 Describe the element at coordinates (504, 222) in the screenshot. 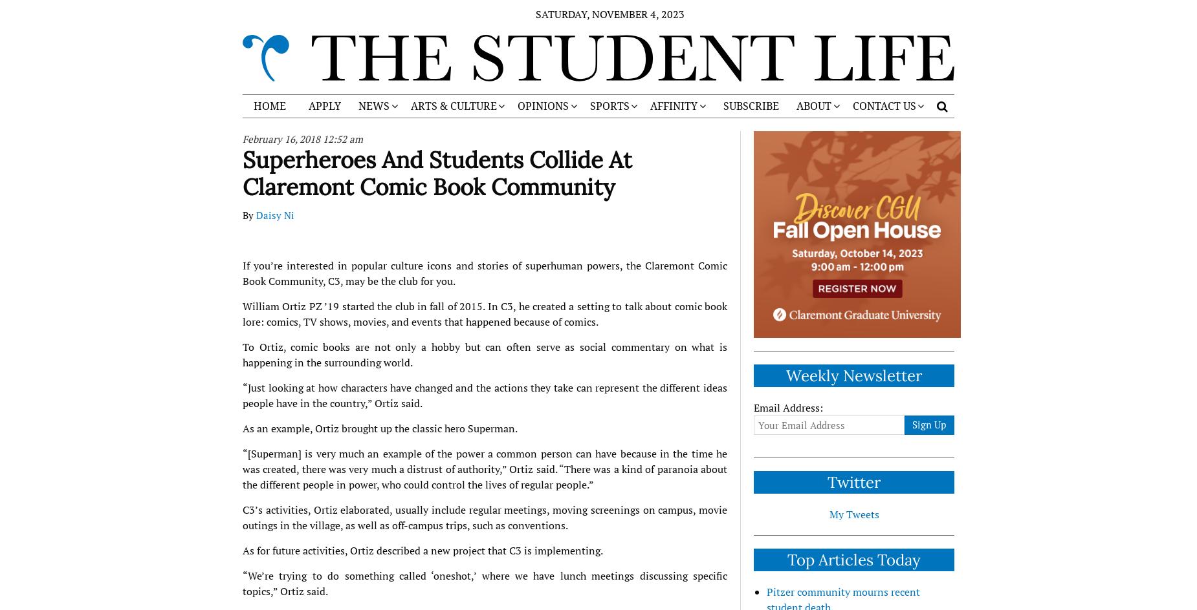

I see `'MUSIC'` at that location.